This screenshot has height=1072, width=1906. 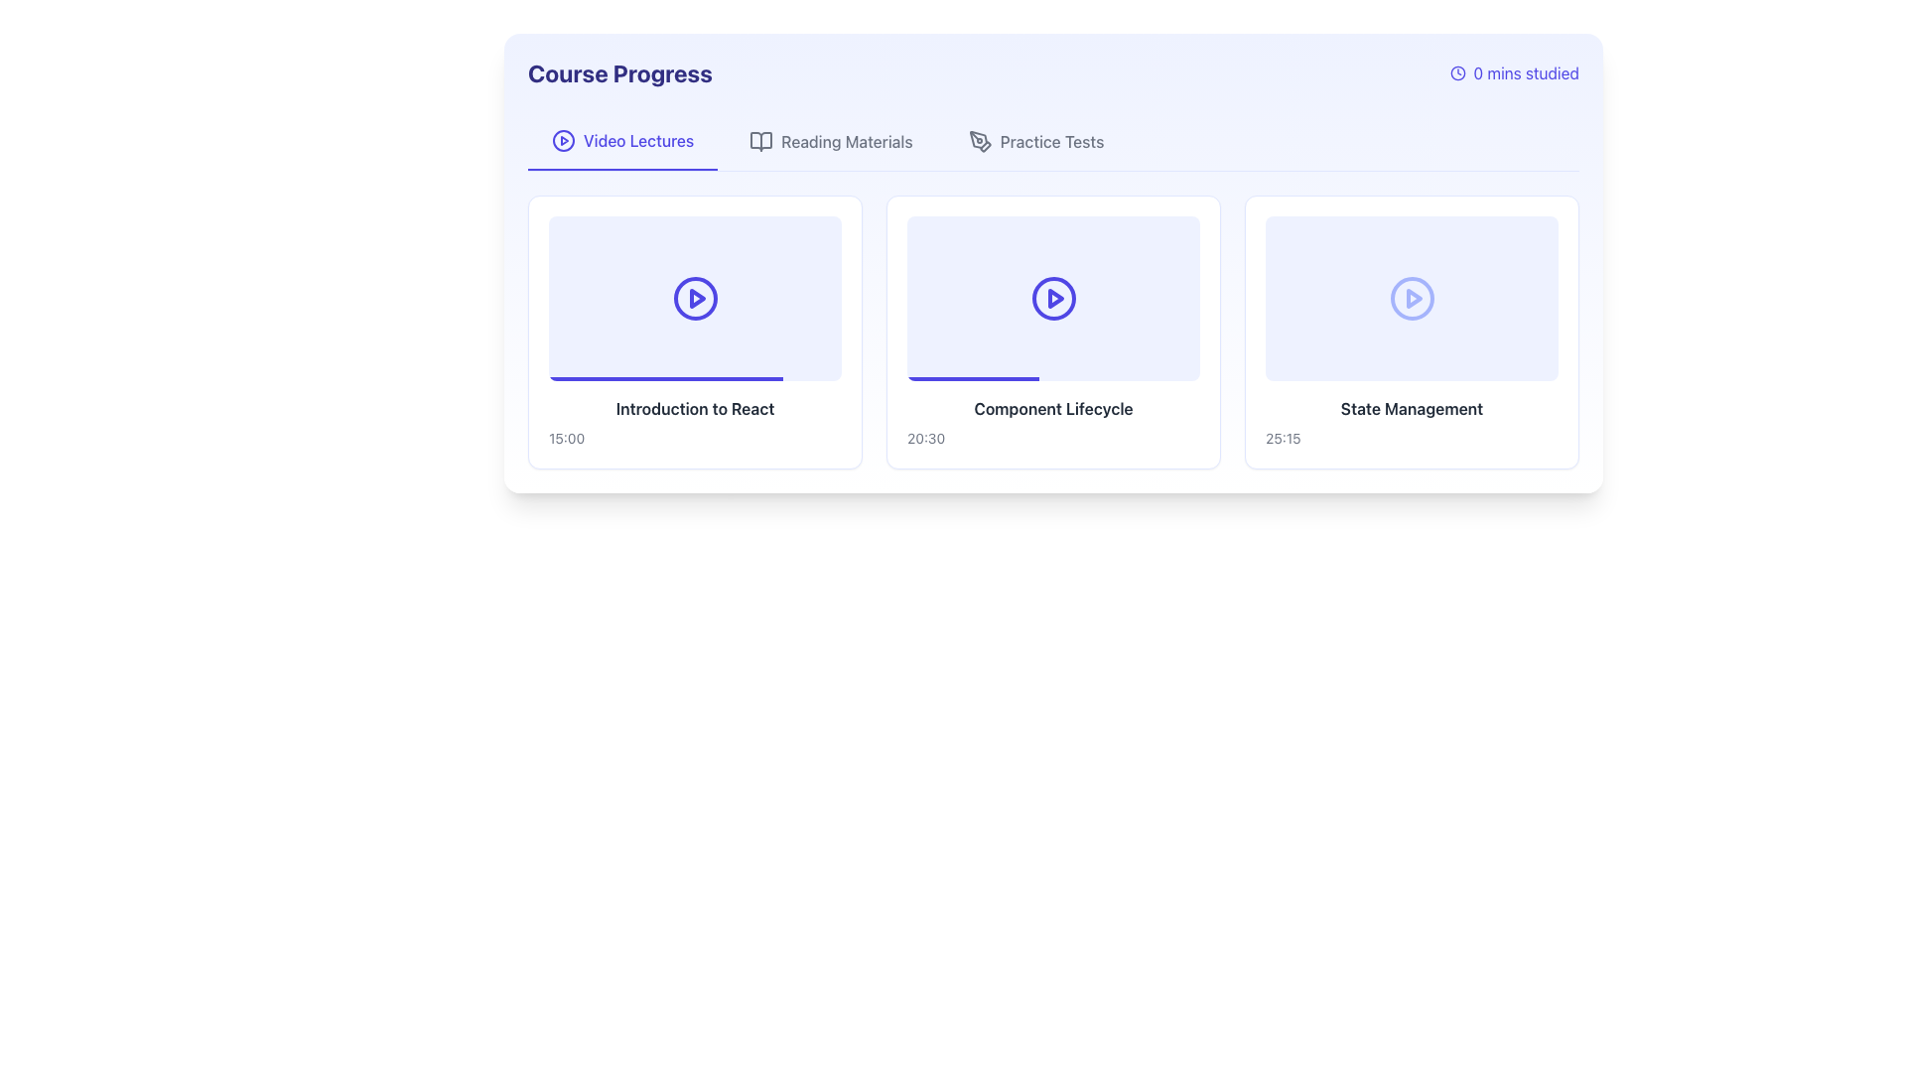 I want to click on text indicating the duration of the video located at the bottom center of the second video card in the layout of educational video resources, so click(x=925, y=437).